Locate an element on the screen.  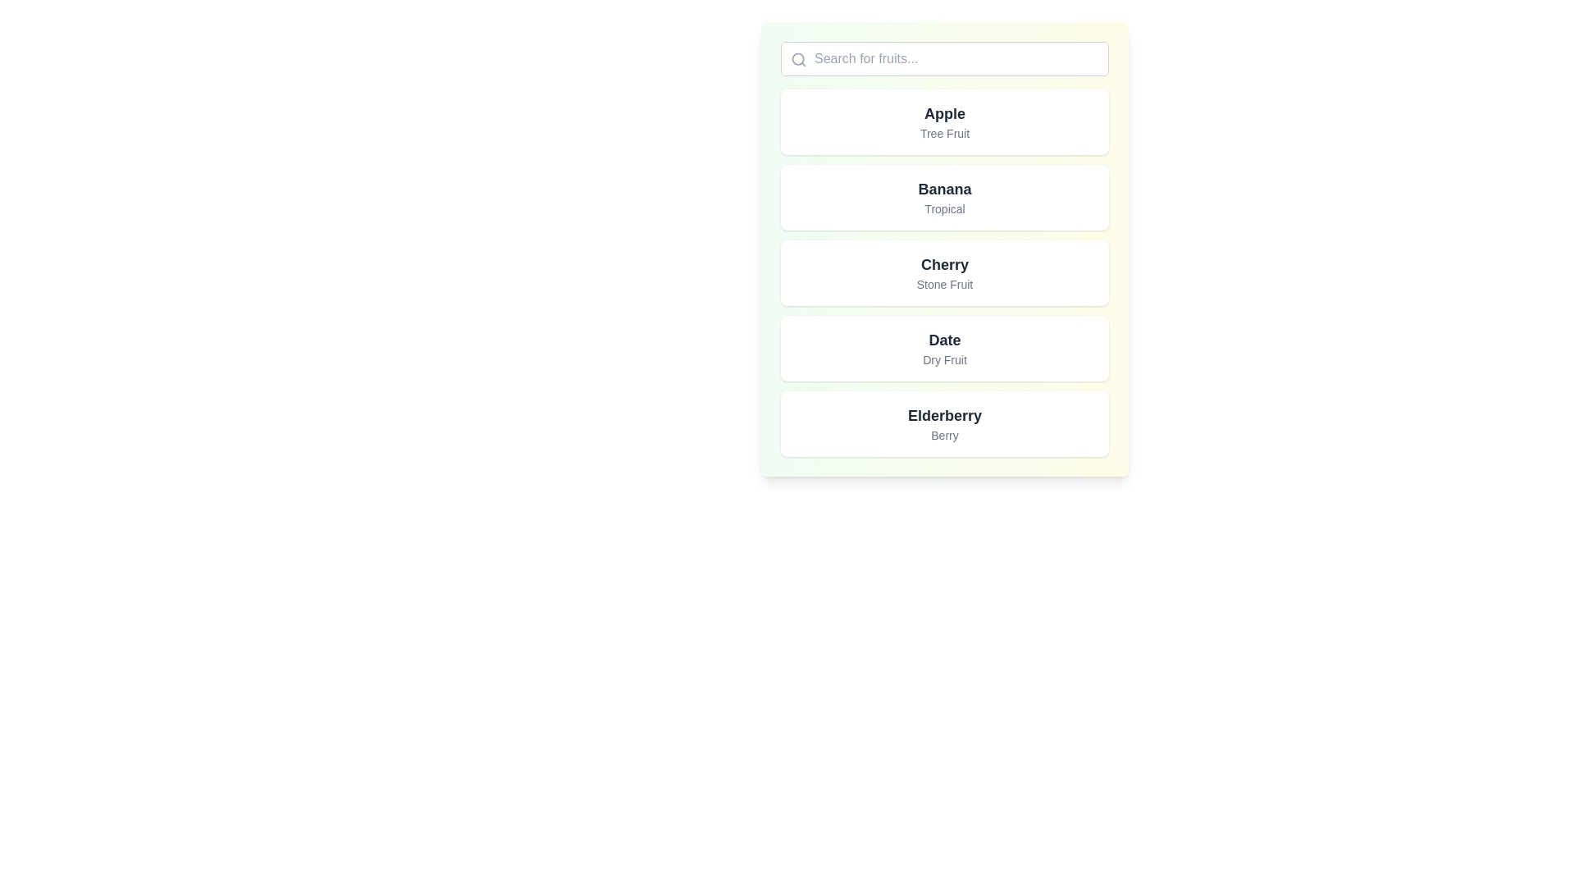
the text label element that identifies the item 'Banana', which is positioned above the sibling text 'Tropical' in the vertical list of items is located at coordinates (945, 189).